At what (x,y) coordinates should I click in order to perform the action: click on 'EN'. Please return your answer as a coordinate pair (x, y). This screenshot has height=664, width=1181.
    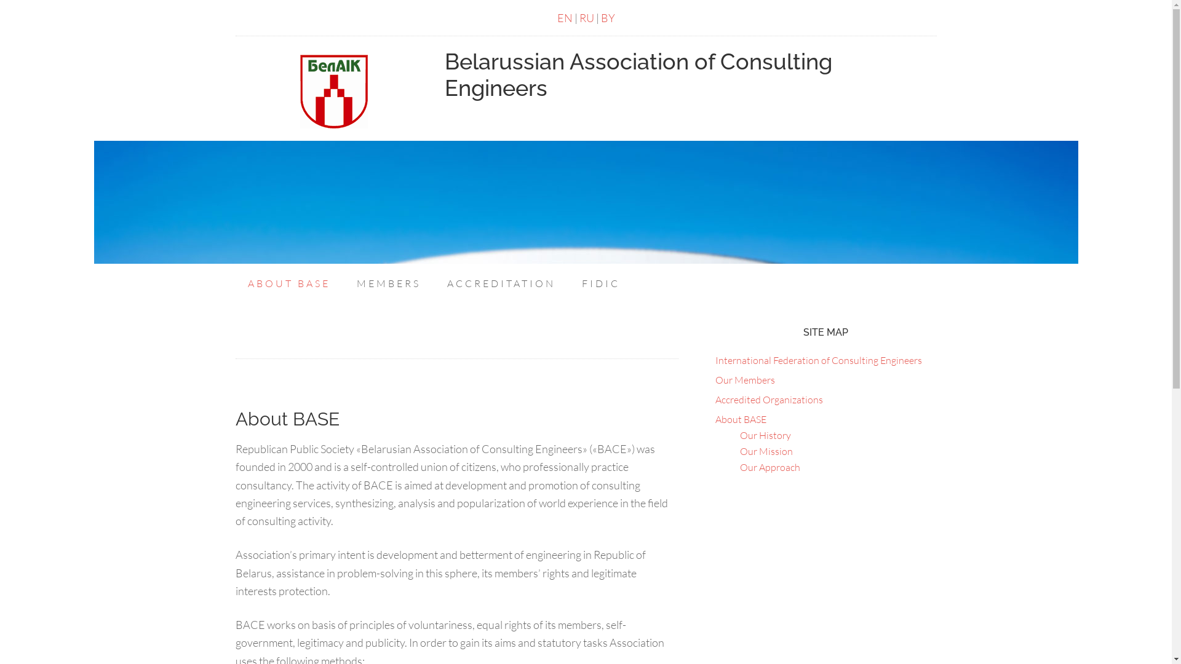
    Looking at the image, I should click on (564, 18).